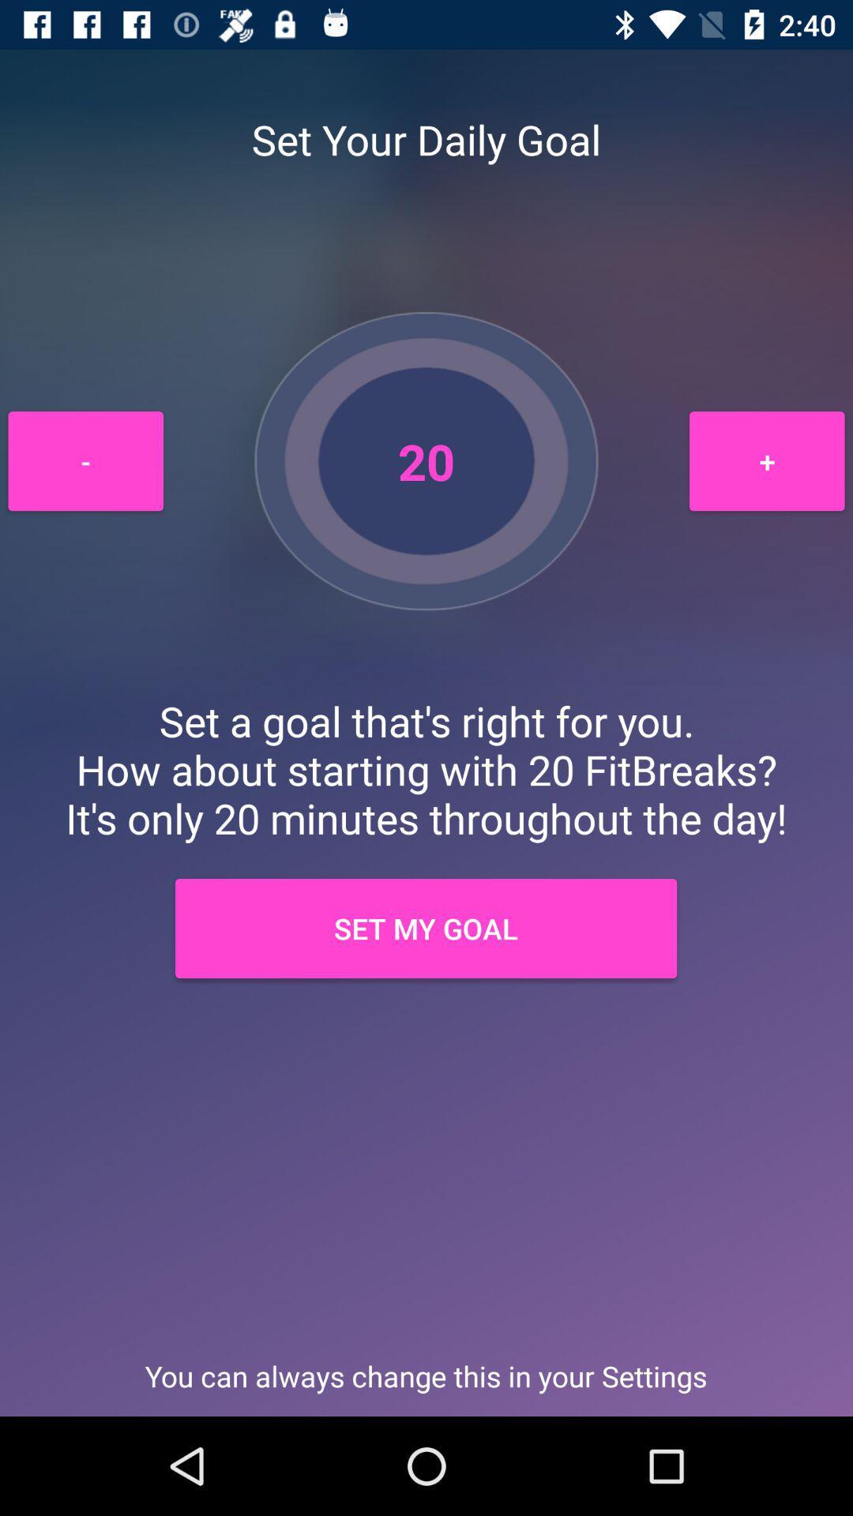  Describe the element at coordinates (85, 460) in the screenshot. I see `- at the top left corner` at that location.